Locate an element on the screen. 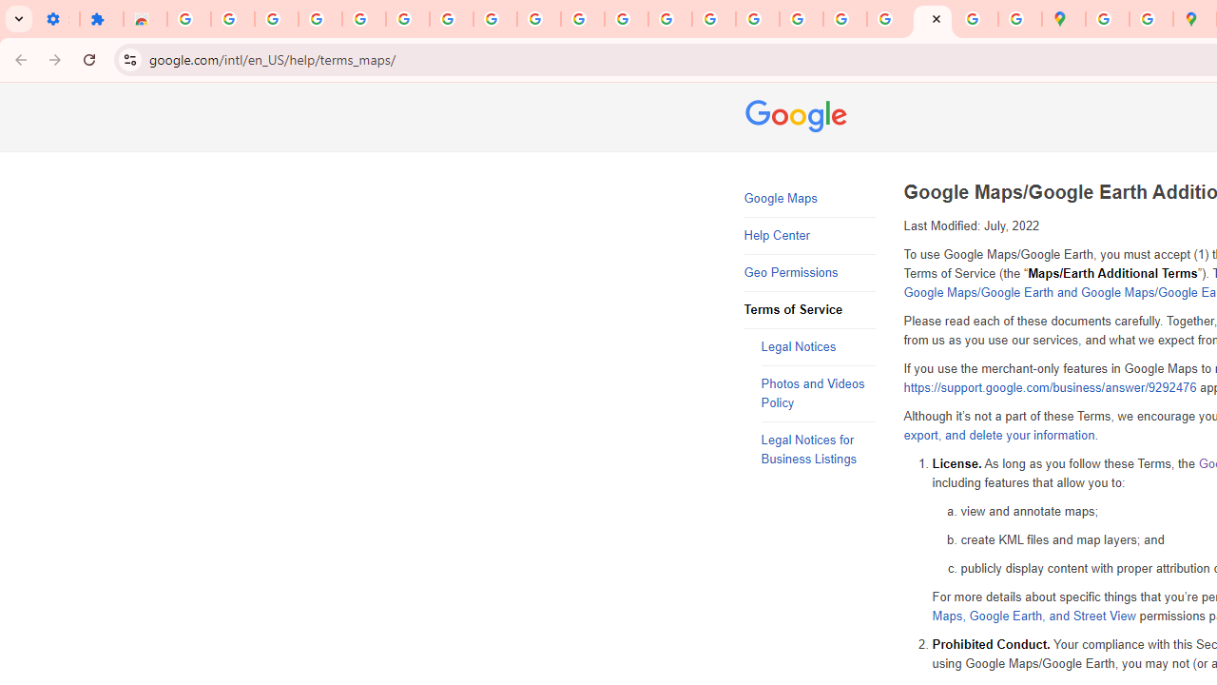 This screenshot has height=685, width=1217. 'Reviews: Helix Fruit Jump Arcade Game' is located at coordinates (145, 19).